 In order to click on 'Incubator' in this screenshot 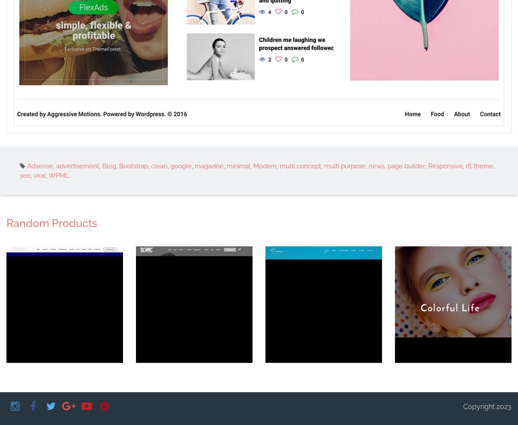, I will do `click(64, 302)`.